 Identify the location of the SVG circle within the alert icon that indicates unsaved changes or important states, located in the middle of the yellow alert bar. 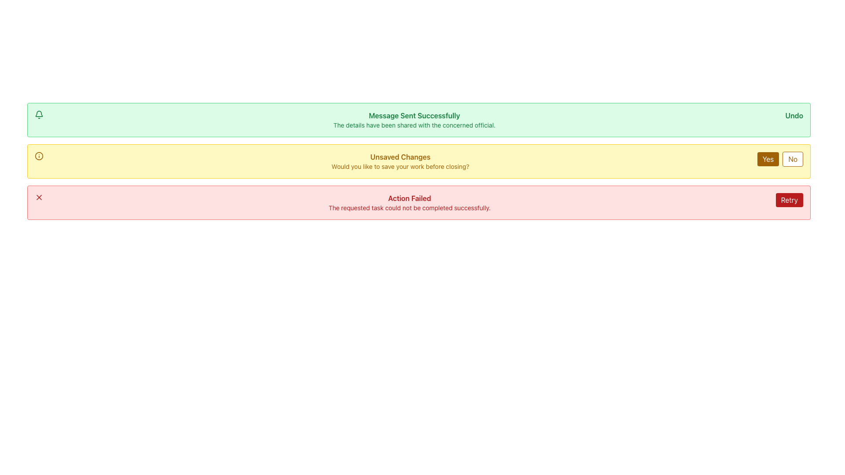
(39, 155).